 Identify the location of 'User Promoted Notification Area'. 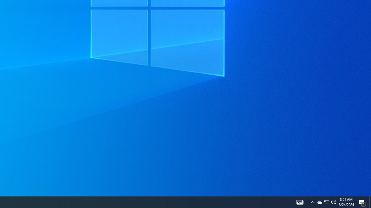
(327, 202).